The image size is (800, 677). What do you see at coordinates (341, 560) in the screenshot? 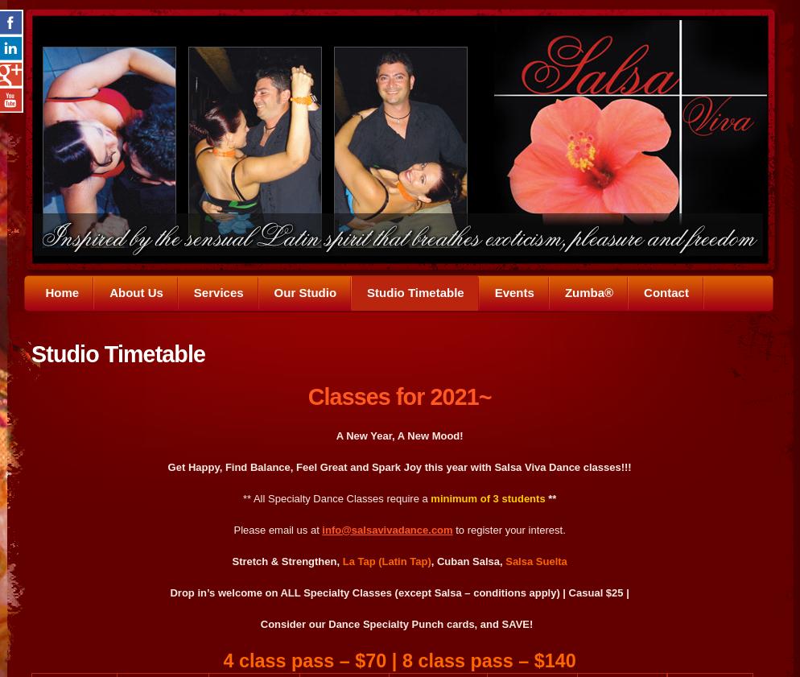
I see `'La Tap (Latin Tap)'` at bounding box center [341, 560].